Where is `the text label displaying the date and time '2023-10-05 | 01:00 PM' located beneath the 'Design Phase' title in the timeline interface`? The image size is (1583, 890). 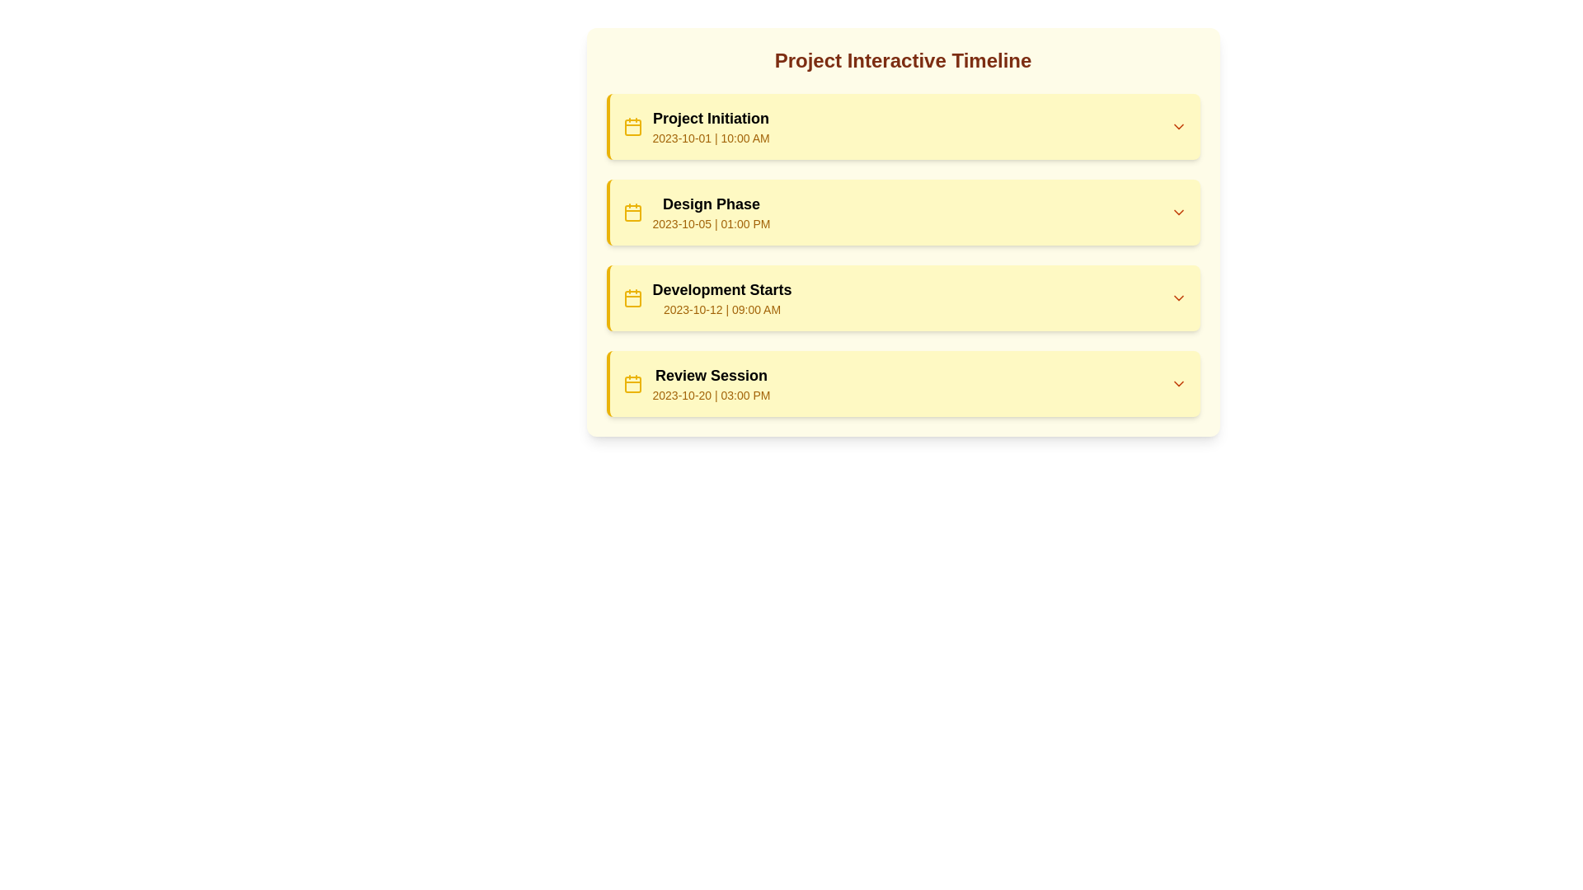 the text label displaying the date and time '2023-10-05 | 01:00 PM' located beneath the 'Design Phase' title in the timeline interface is located at coordinates (712, 224).